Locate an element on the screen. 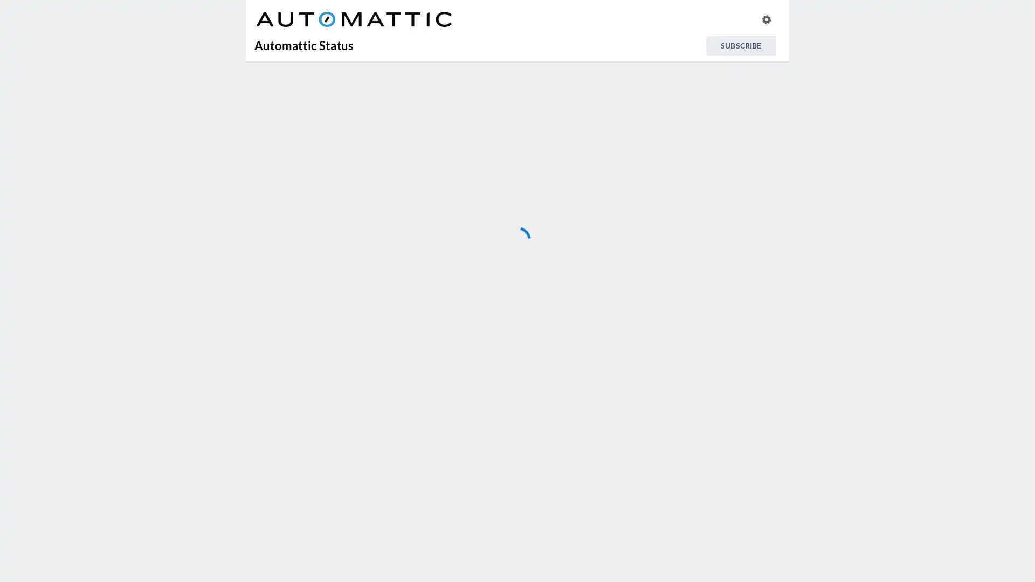 Image resolution: width=1035 pixels, height=582 pixels. Cloudup Response Time : 368 ms is located at coordinates (452, 224).